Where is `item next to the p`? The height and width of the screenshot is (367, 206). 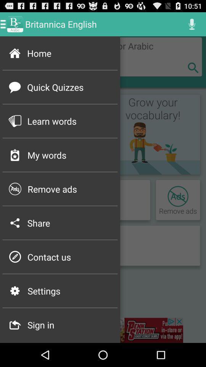
item next to the p is located at coordinates (70, 257).